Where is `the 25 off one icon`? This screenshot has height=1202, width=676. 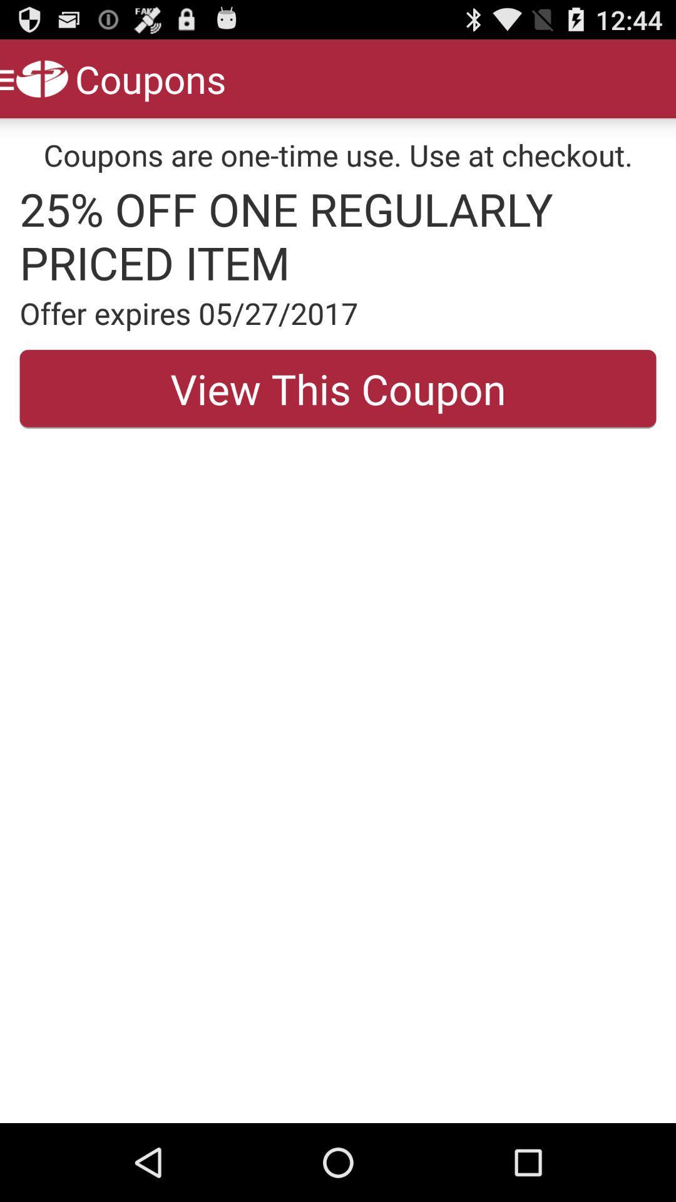 the 25 off one icon is located at coordinates (338, 235).